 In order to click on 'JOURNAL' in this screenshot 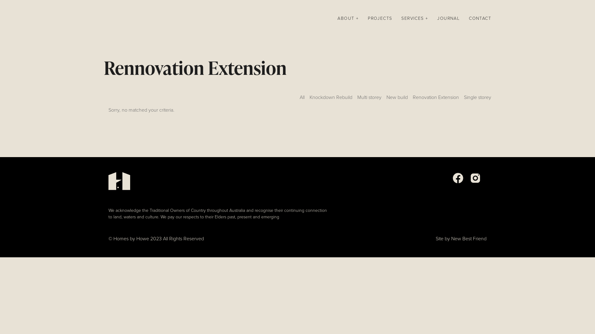, I will do `click(437, 18)`.